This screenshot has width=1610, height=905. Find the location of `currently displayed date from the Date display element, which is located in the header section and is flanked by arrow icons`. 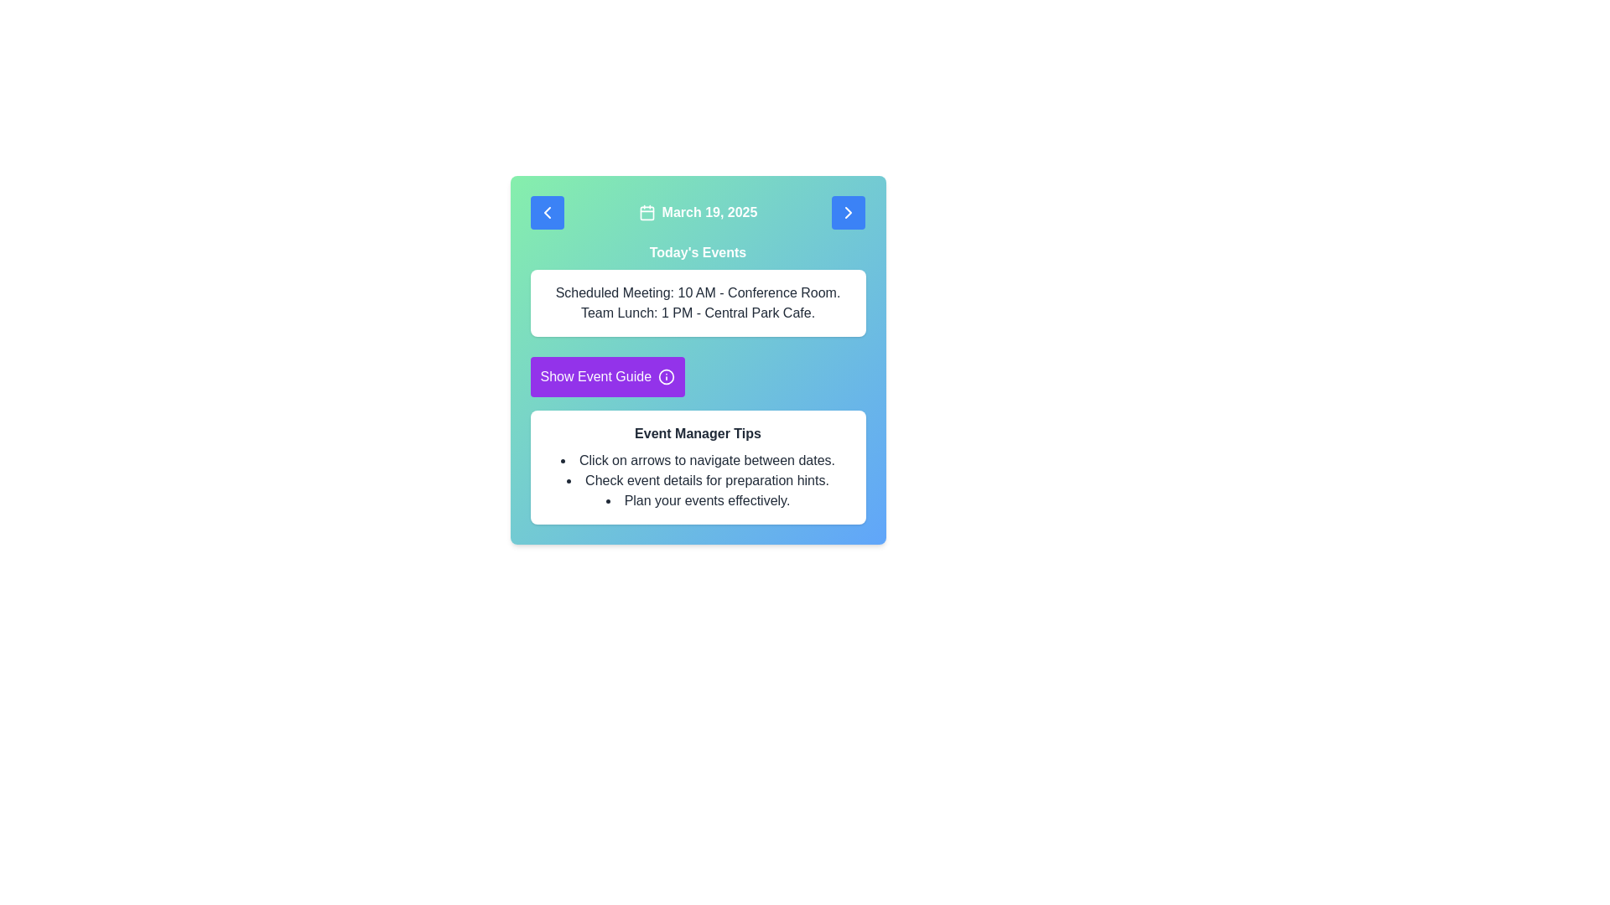

currently displayed date from the Date display element, which is located in the header section and is flanked by arrow icons is located at coordinates (698, 212).